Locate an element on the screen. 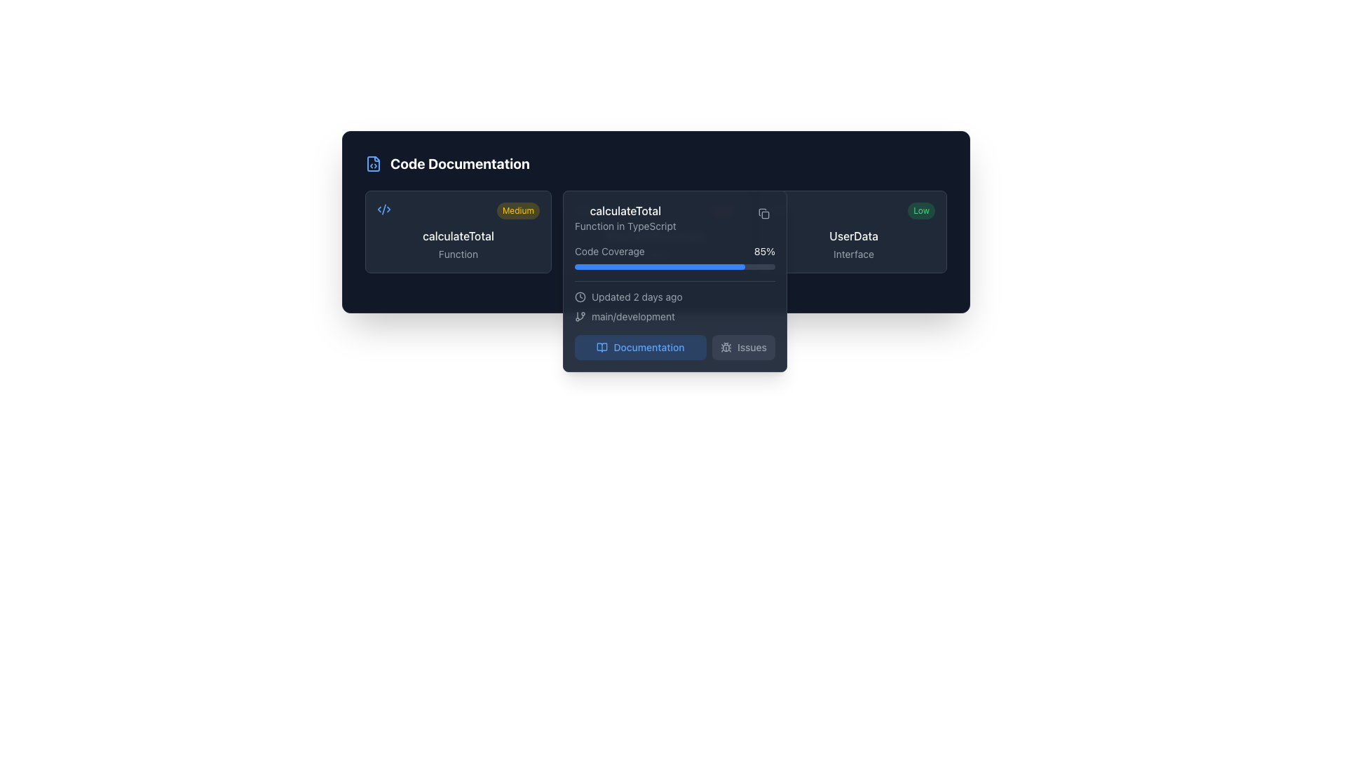 This screenshot has width=1346, height=757. the Progress bar indicating 'Code Coverage' with 85% completion, positioned centrally below the corresponding texts is located at coordinates (675, 267).